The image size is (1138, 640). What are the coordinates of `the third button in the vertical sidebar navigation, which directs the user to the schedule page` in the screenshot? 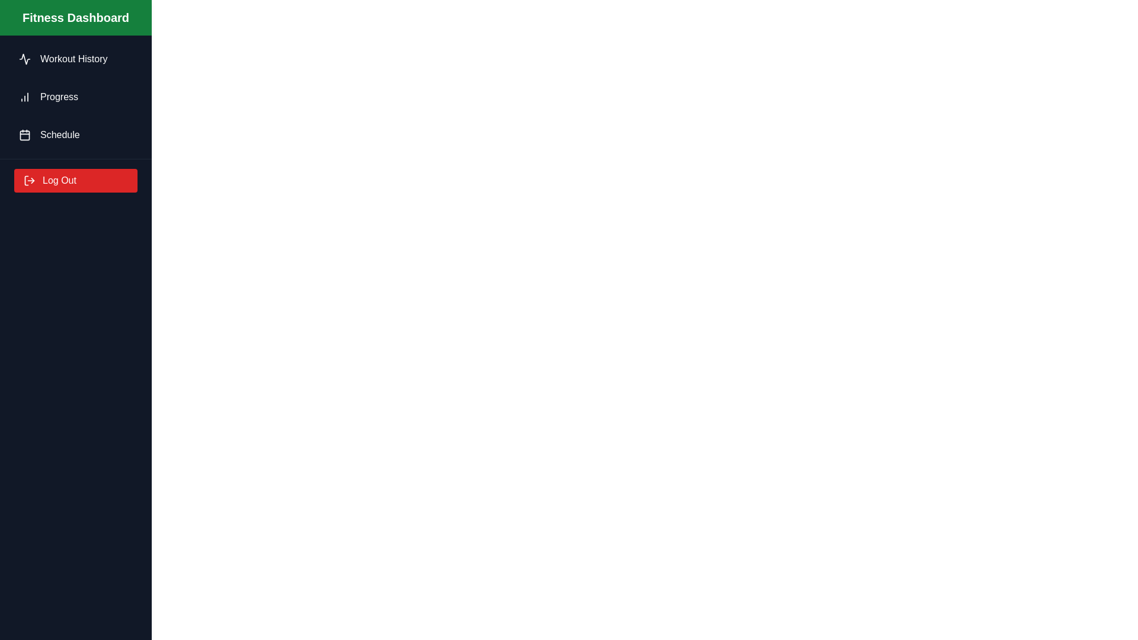 It's located at (75, 134).